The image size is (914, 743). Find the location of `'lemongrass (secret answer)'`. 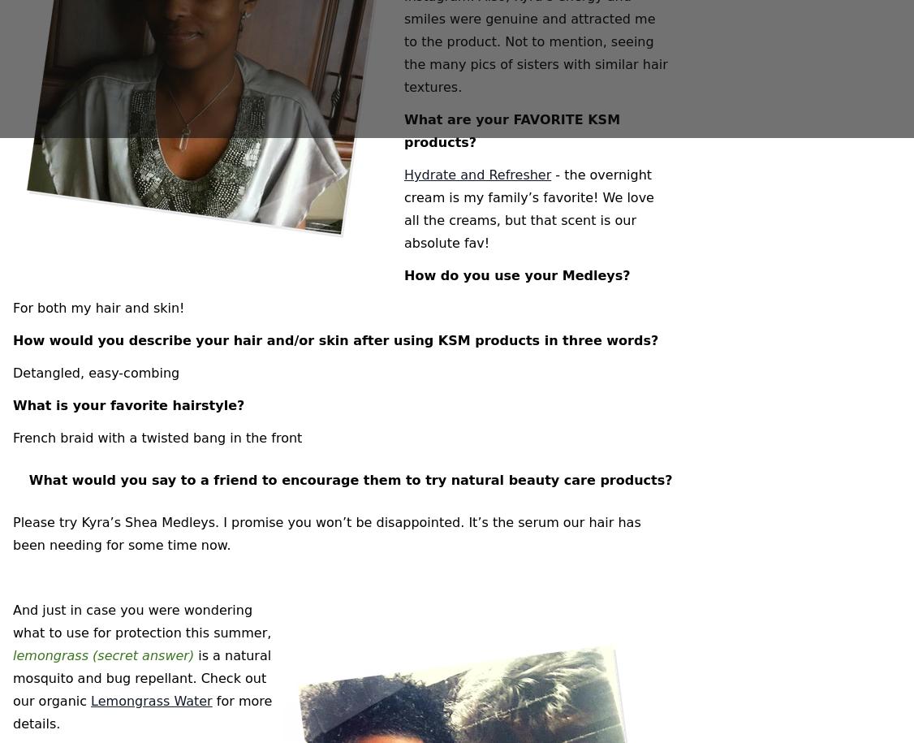

'lemongrass (secret answer)' is located at coordinates (103, 654).